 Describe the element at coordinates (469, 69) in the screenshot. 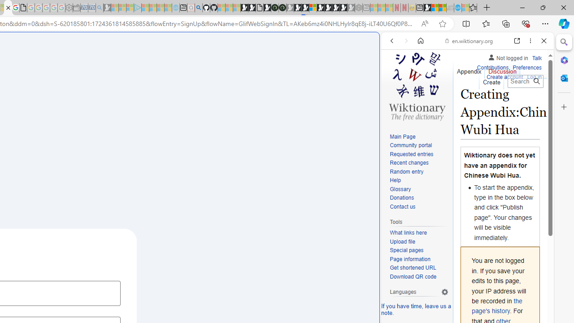

I see `'Appendix'` at that location.